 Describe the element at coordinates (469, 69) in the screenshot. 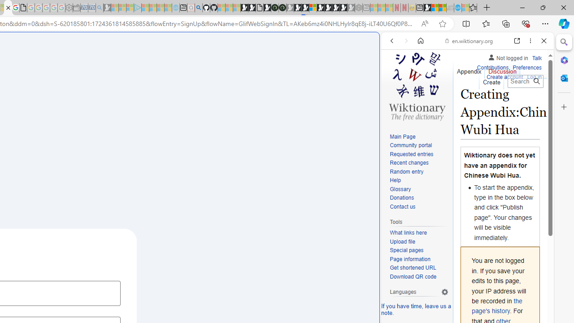

I see `'Appendix'` at that location.